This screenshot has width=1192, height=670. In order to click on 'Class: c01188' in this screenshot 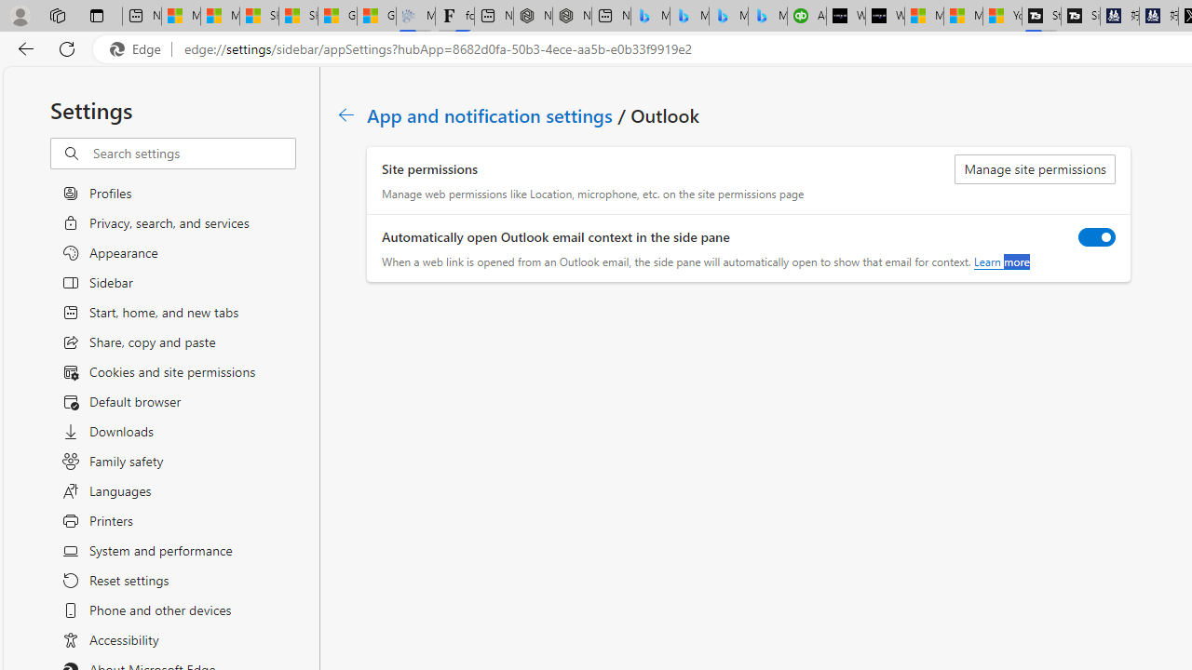, I will do `click(345, 114)`.